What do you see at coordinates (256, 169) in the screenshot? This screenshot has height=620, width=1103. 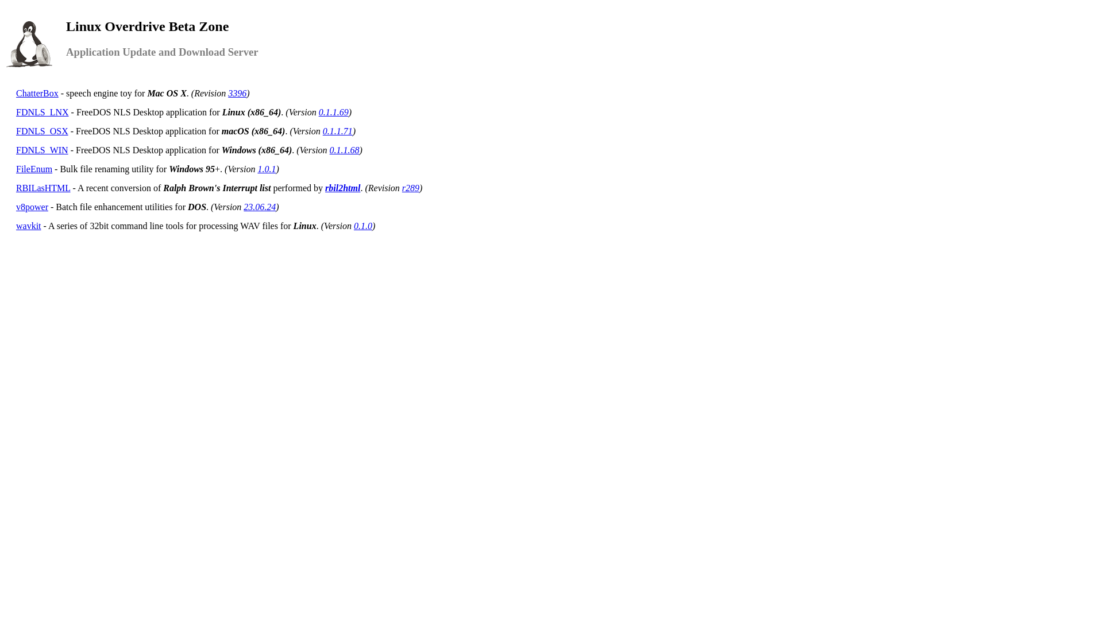 I see `'1.0.1'` at bounding box center [256, 169].